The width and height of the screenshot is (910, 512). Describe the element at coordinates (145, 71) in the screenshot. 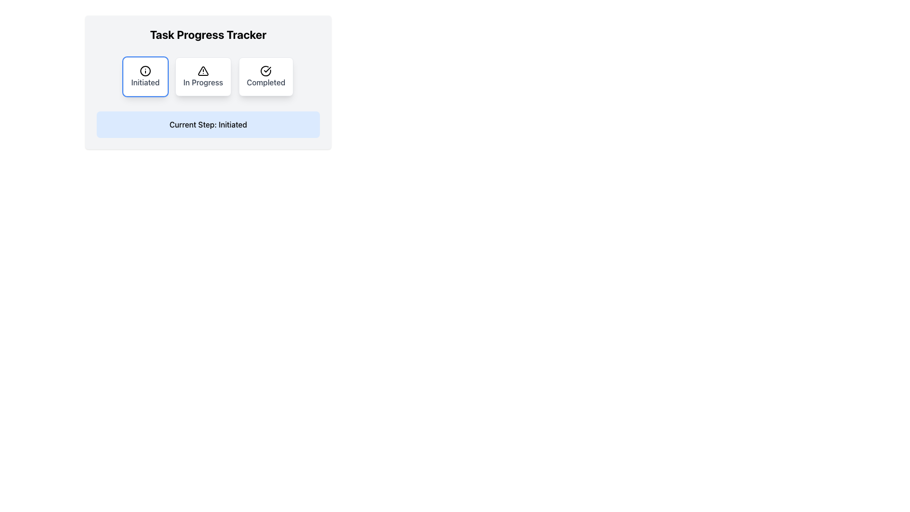

I see `the circular informational icon with a black stroke located in the 'Initiated' section of the task progress tracker, positioned above the 'Initiated' label` at that location.